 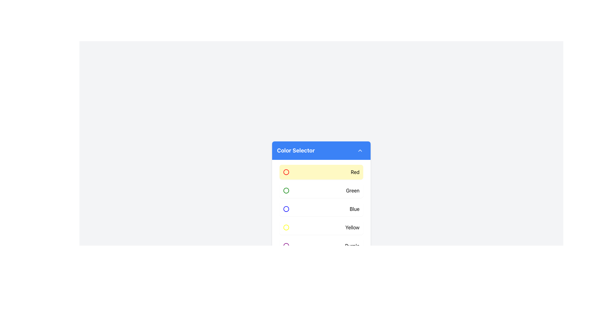 I want to click on the color selector icon representing the color 'Green' located in the second row of the color options list, so click(x=286, y=190).